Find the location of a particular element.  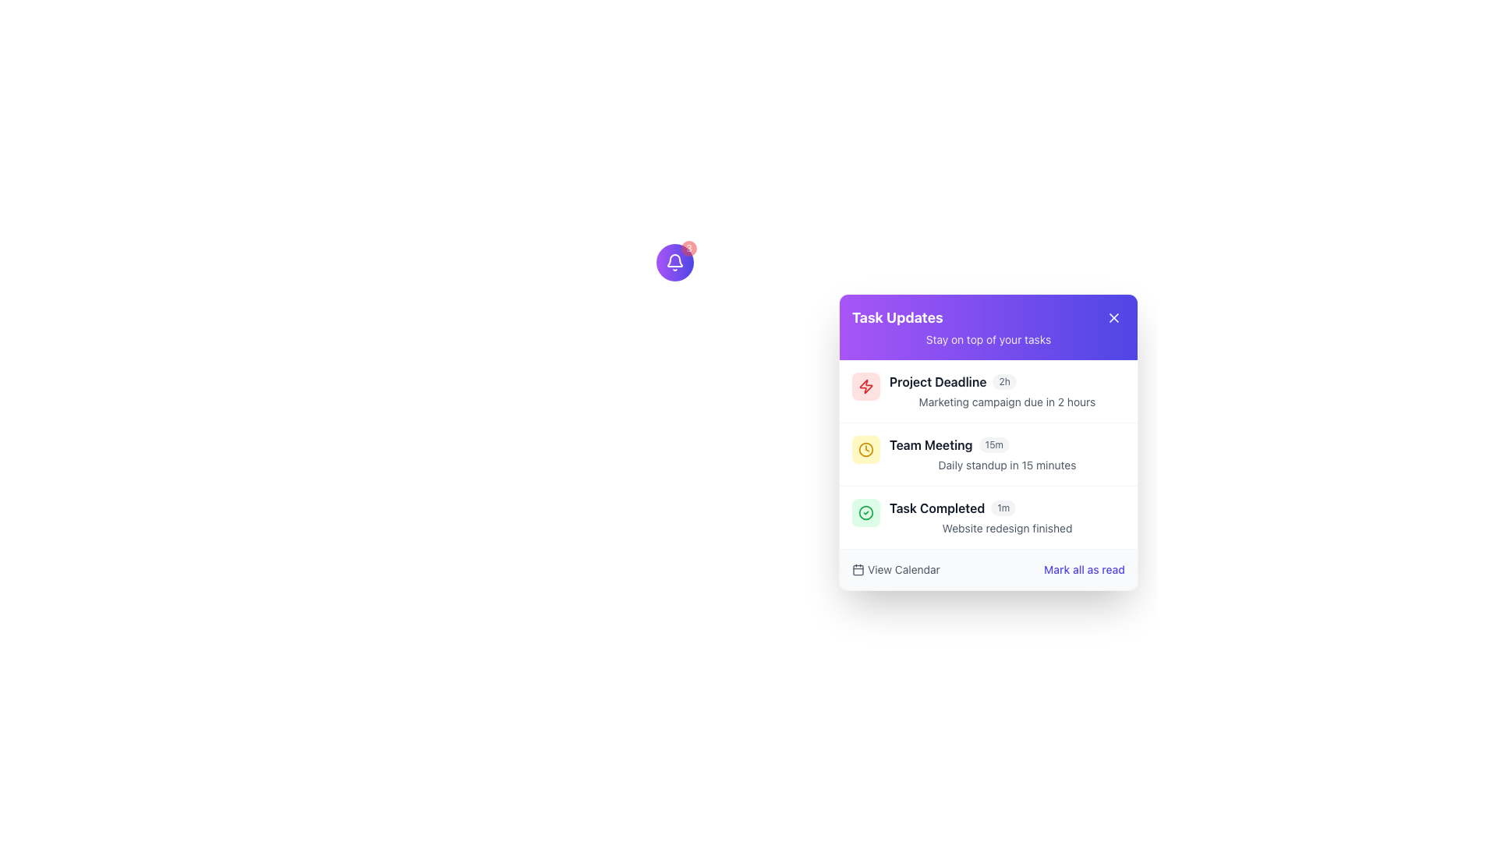

the small gray calendar icon located to the left of the 'View Calendar' text in the 'Task Updates' panel is located at coordinates (857, 570).